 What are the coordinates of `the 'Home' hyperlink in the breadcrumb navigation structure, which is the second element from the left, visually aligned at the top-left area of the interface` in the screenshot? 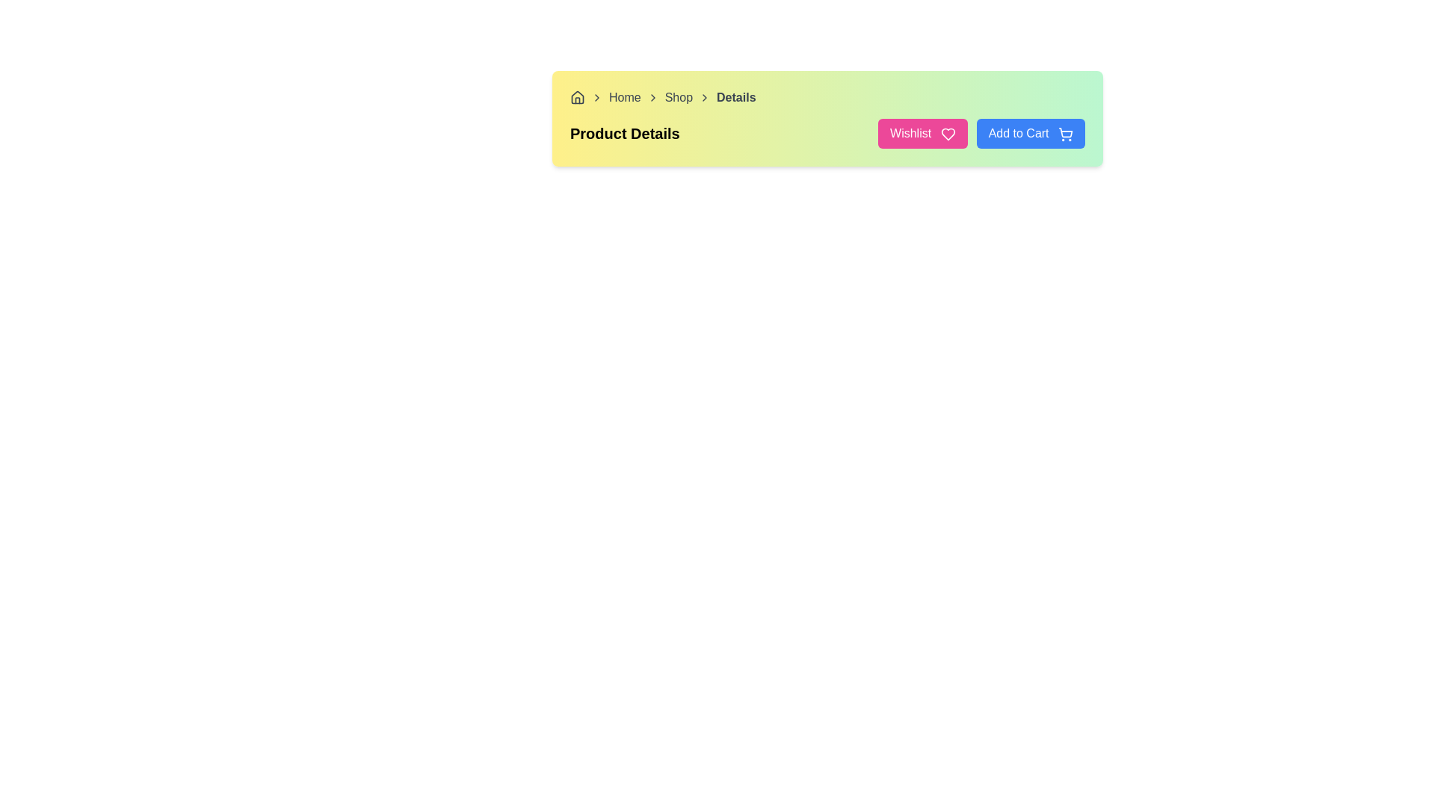 It's located at (625, 98).